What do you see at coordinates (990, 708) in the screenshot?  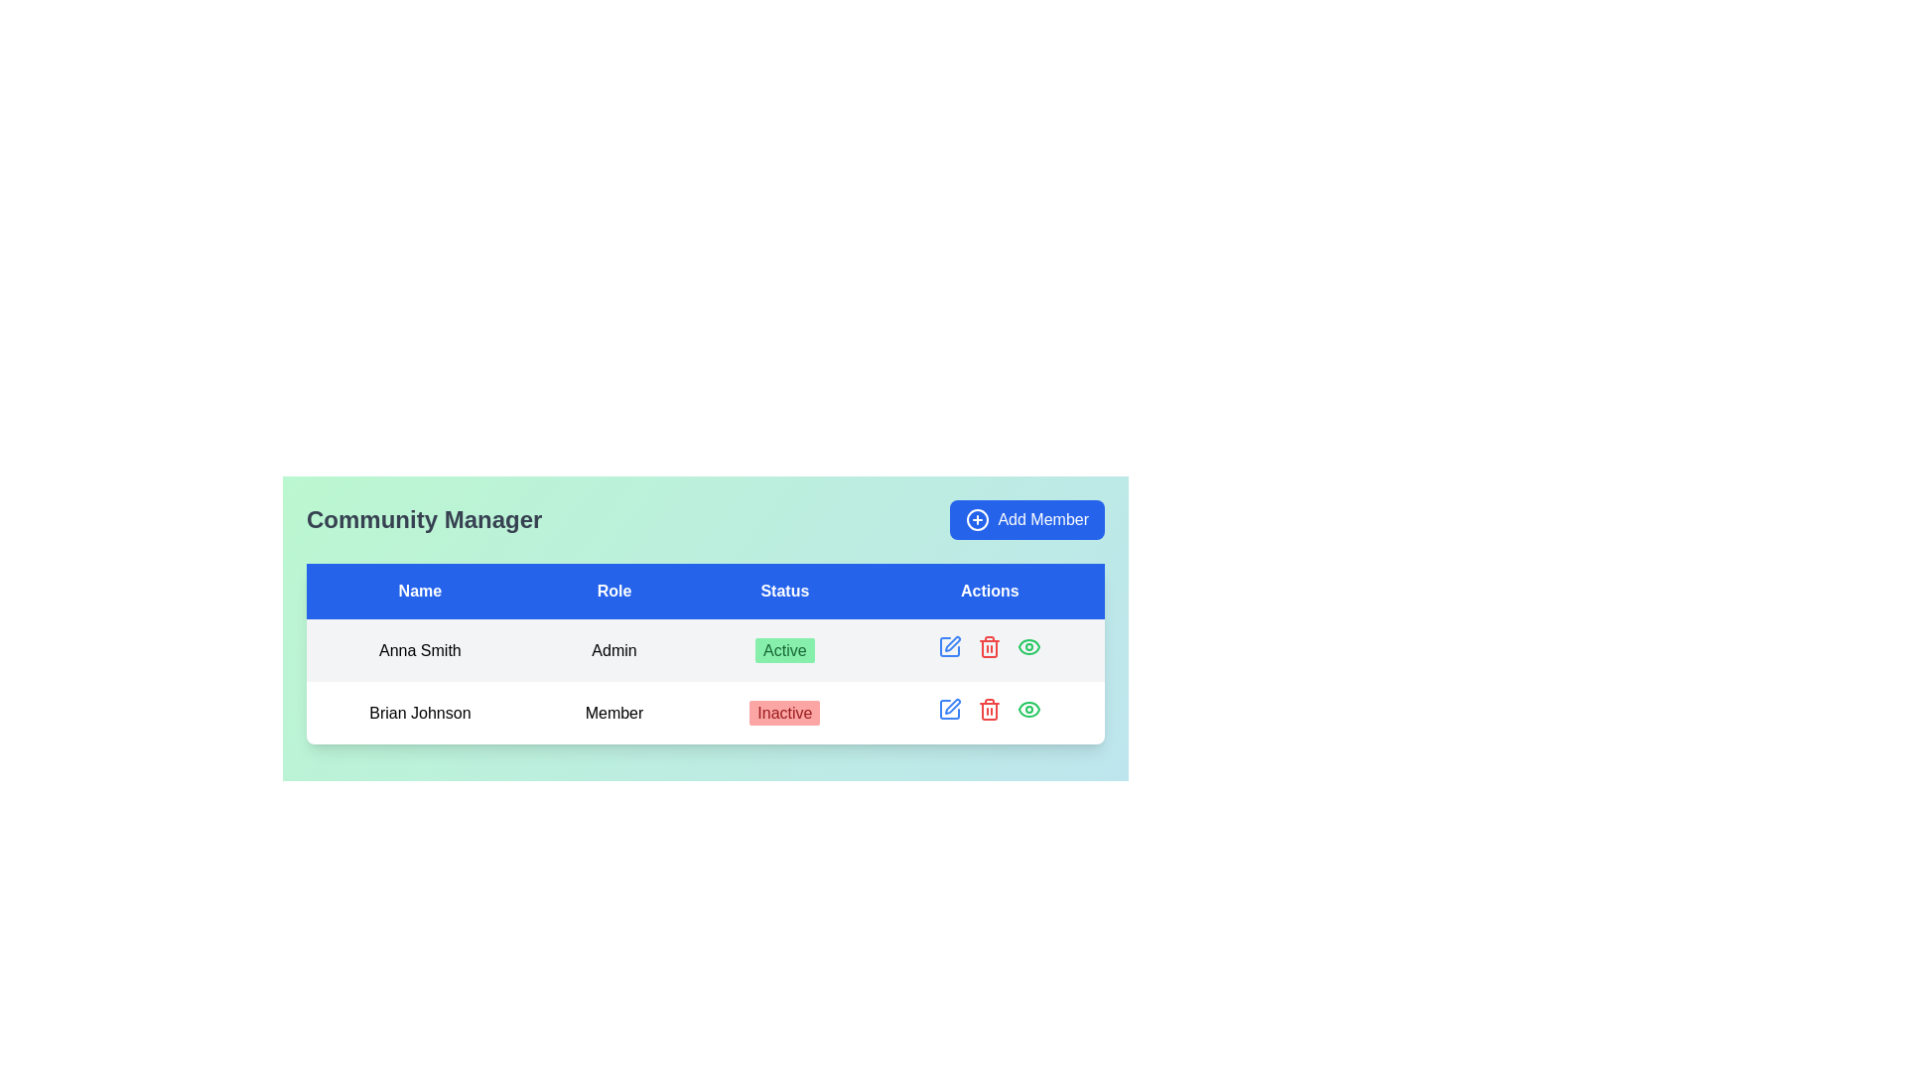 I see `the delete button located in the Actions column of the table for the entry 'Brian Johnson' to initiate deletion` at bounding box center [990, 708].